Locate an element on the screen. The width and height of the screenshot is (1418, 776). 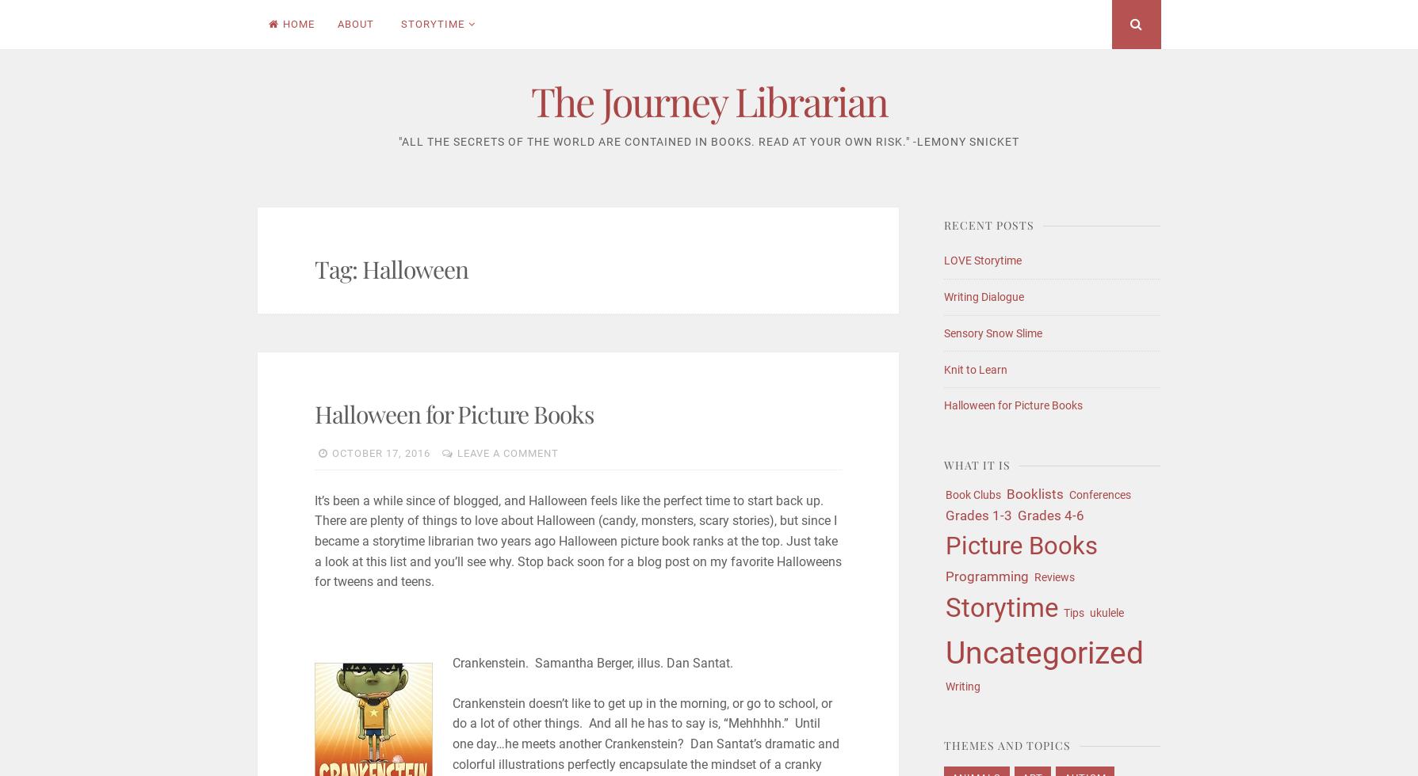
'Writing' is located at coordinates (962, 686).